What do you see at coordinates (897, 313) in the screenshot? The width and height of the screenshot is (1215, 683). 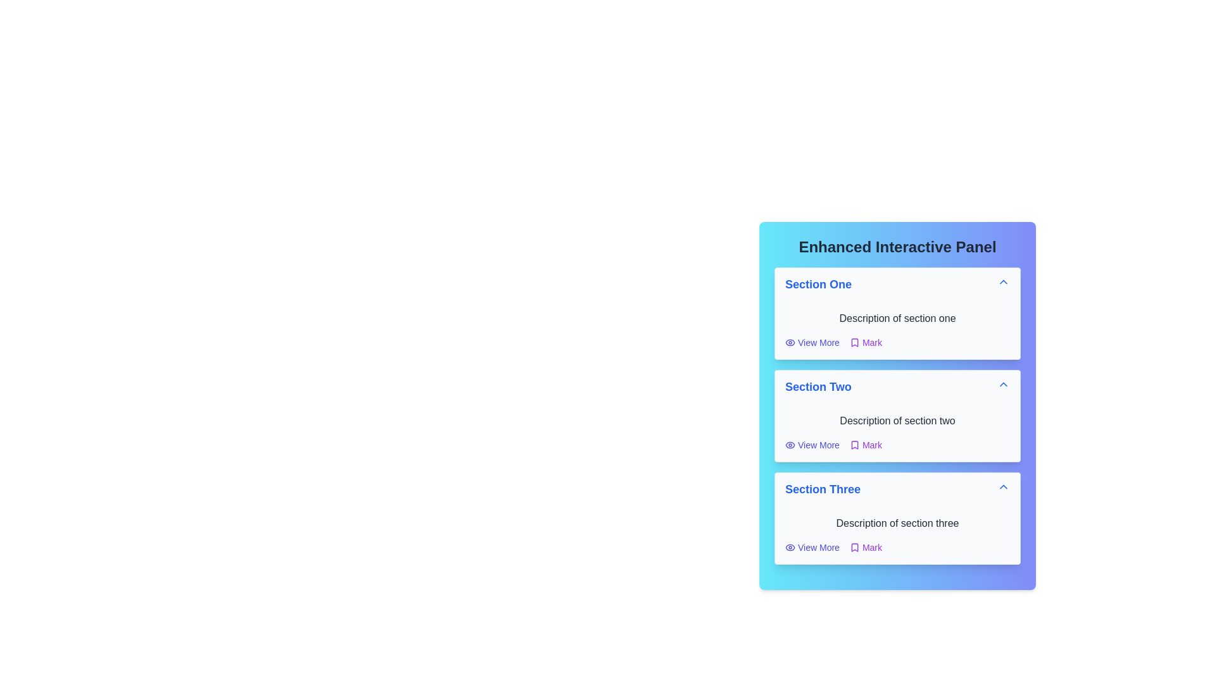 I see `the first collapsible section titled 'Section One' directly beneath the heading 'Enhanced Interactive Panel'` at bounding box center [897, 313].